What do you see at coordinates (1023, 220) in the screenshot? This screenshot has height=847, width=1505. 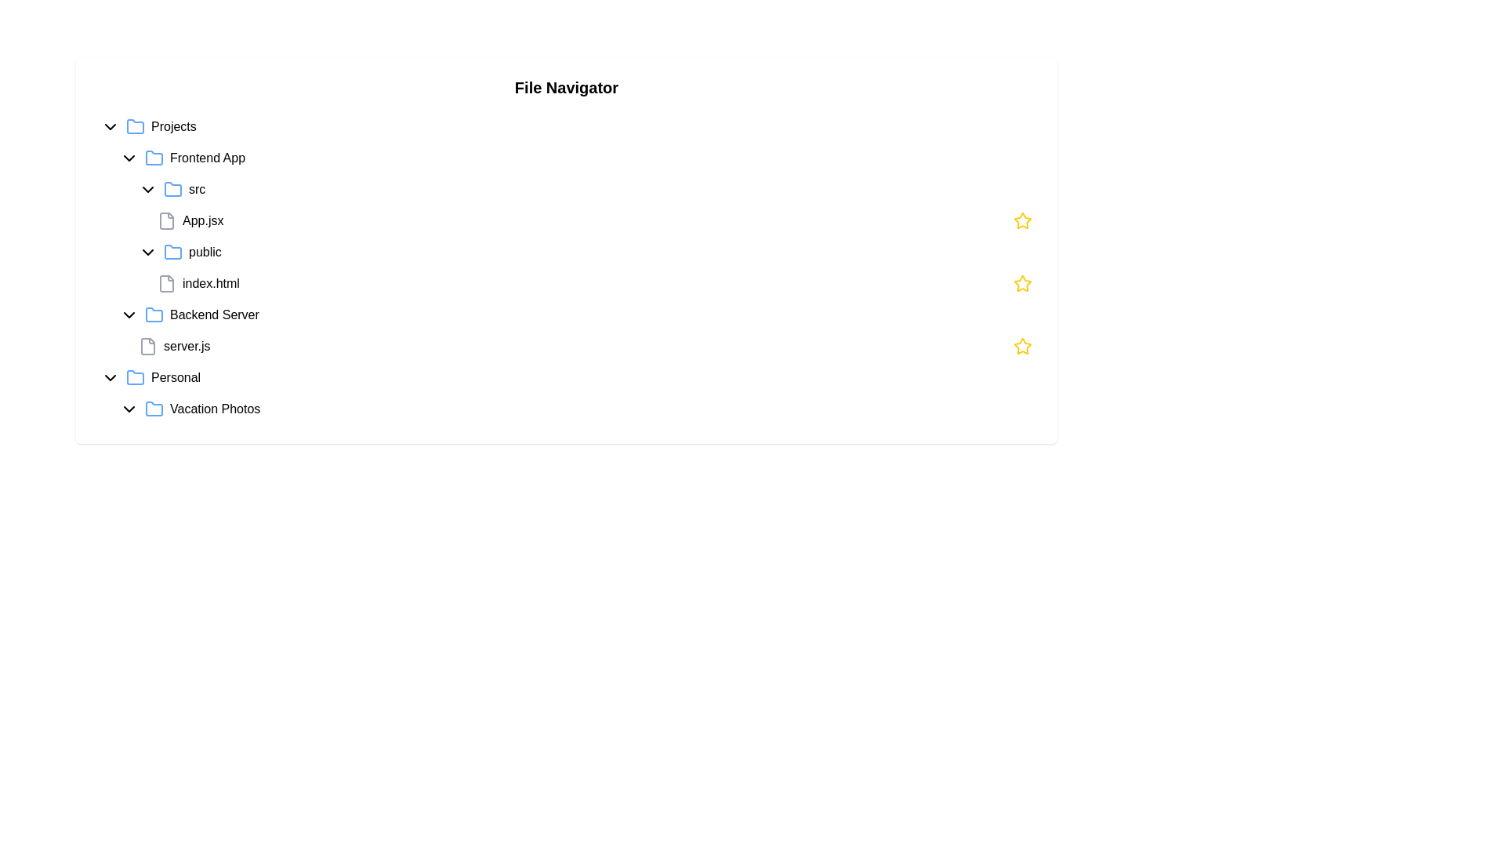 I see `the yellow star icon with a hollow center` at bounding box center [1023, 220].